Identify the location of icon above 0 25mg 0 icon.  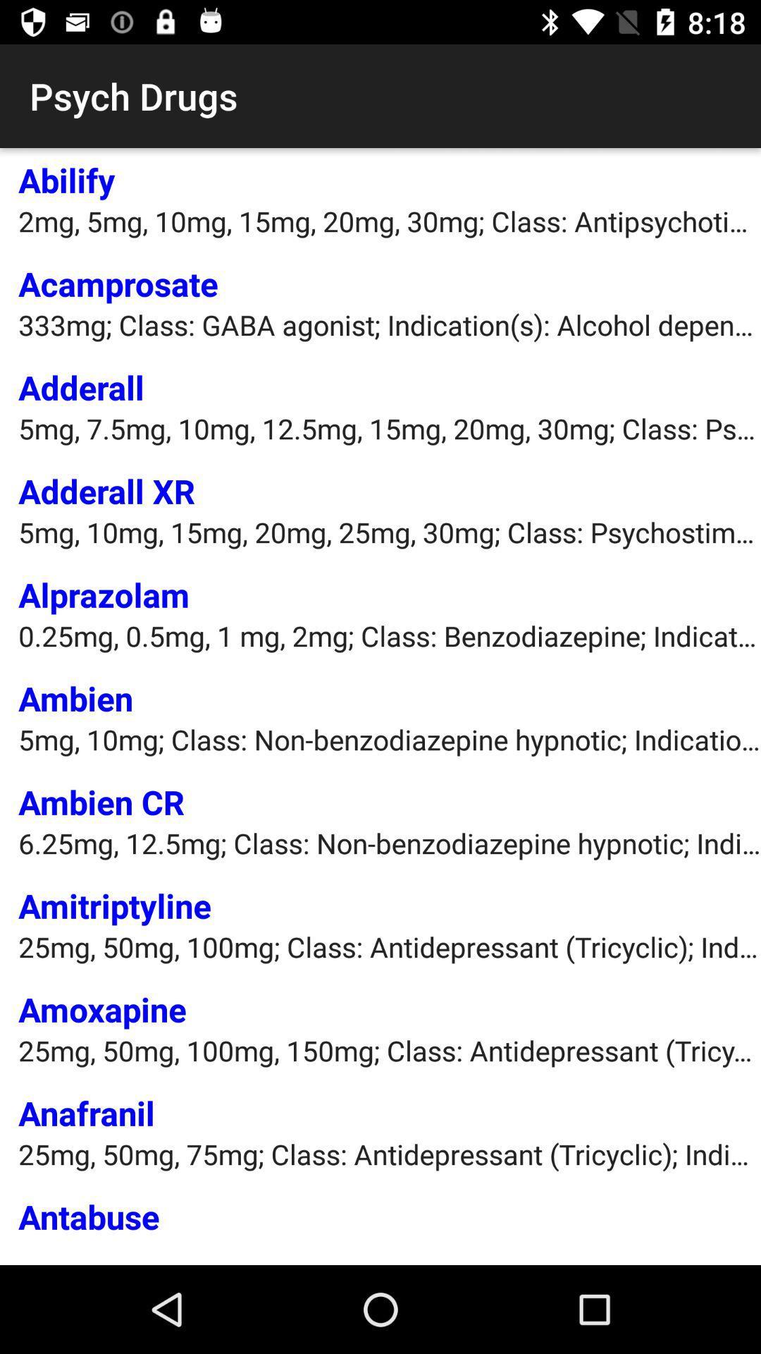
(103, 594).